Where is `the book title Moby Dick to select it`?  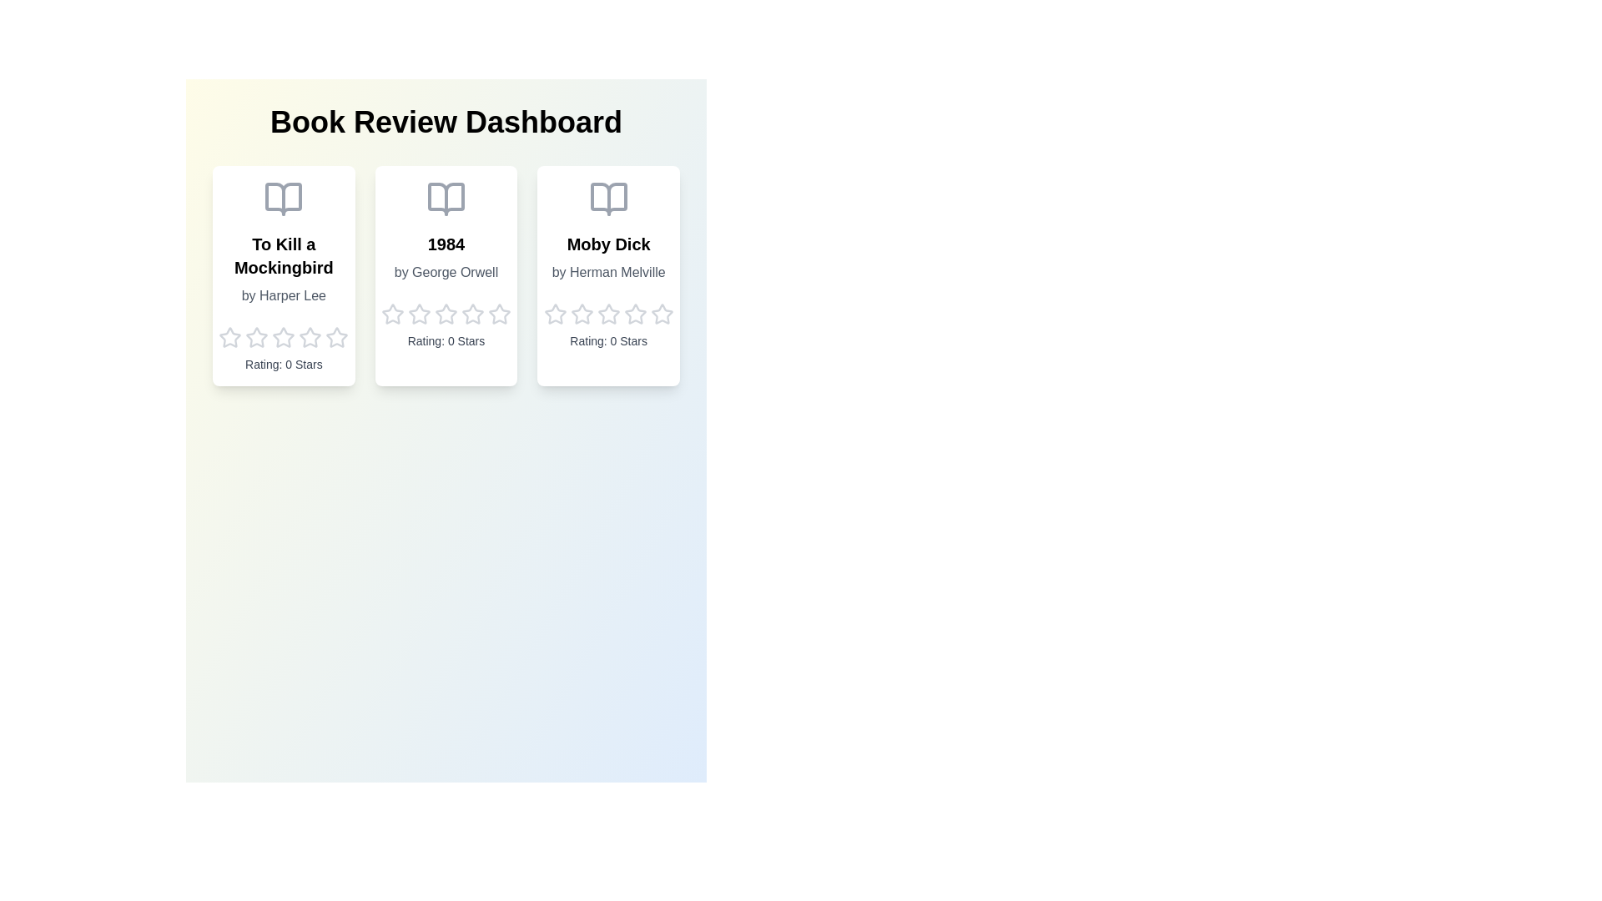 the book title Moby Dick to select it is located at coordinates (607, 244).